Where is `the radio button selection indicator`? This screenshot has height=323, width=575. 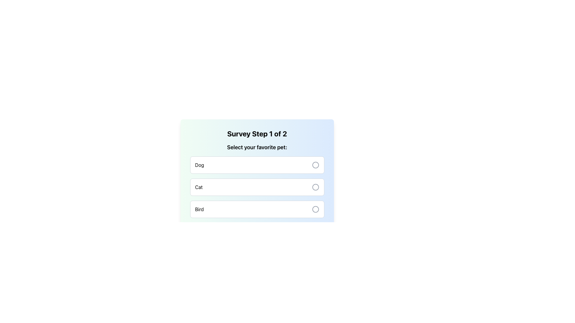 the radio button selection indicator is located at coordinates (315, 187).